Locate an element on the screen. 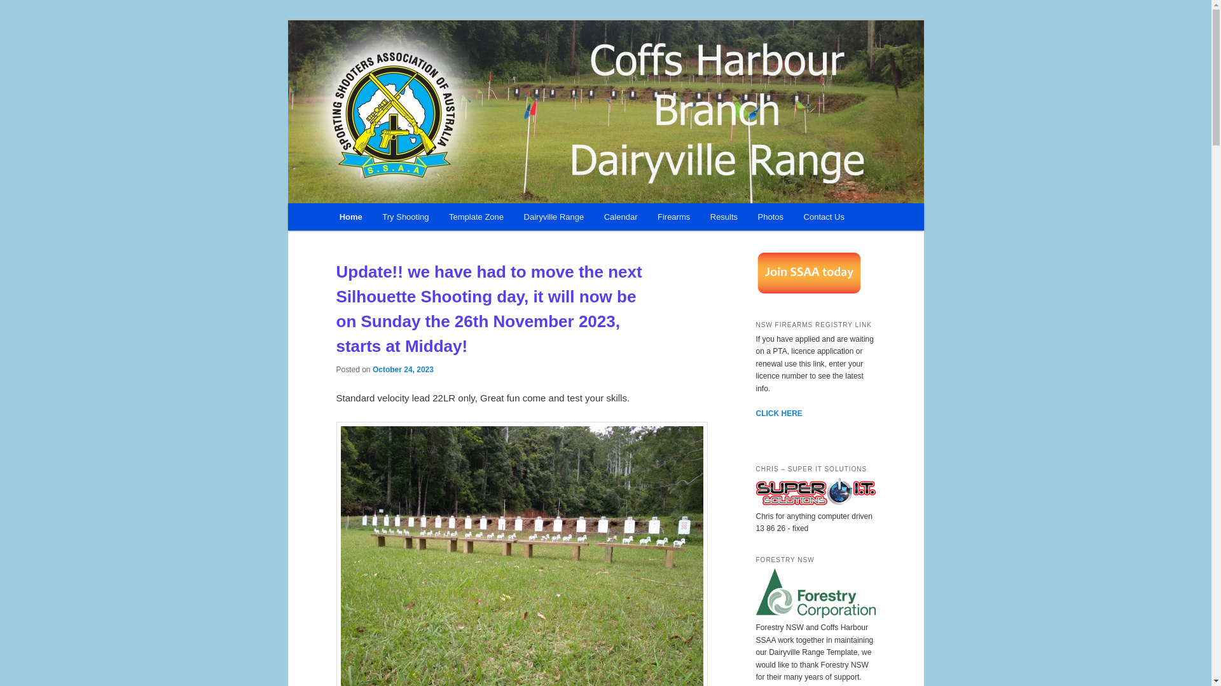 The image size is (1221, 686). 'Calendar' is located at coordinates (620, 216).